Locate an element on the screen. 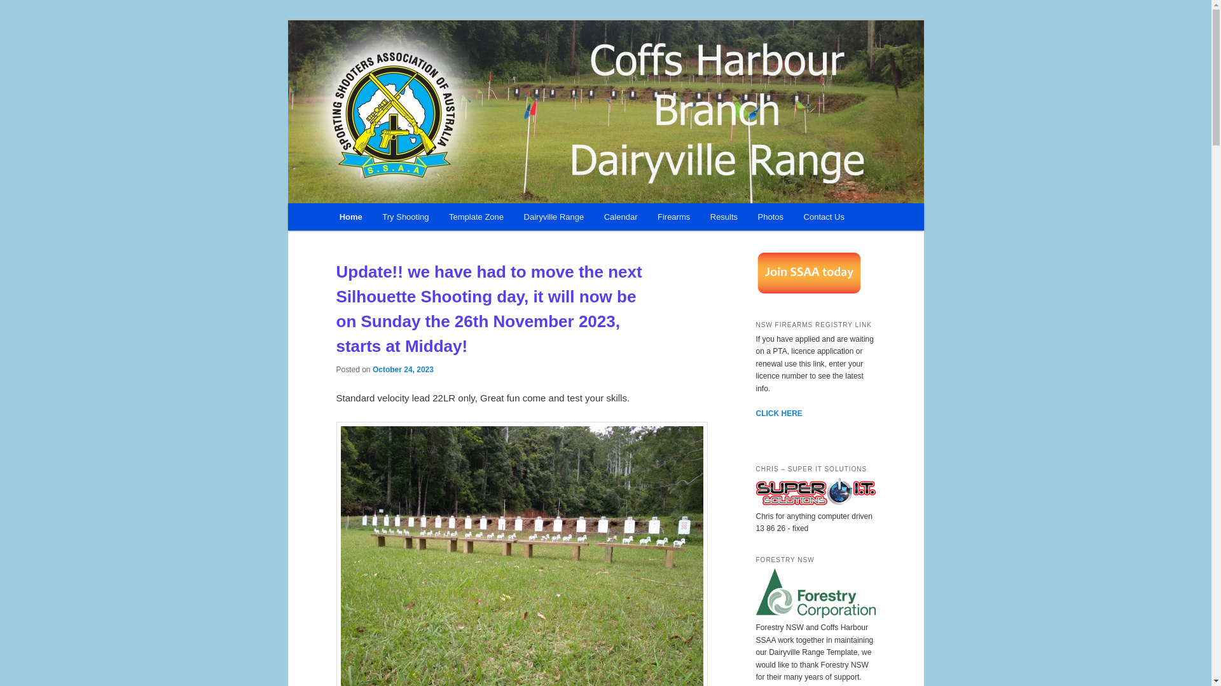 The image size is (1221, 686). 'Calendar' is located at coordinates (620, 216).